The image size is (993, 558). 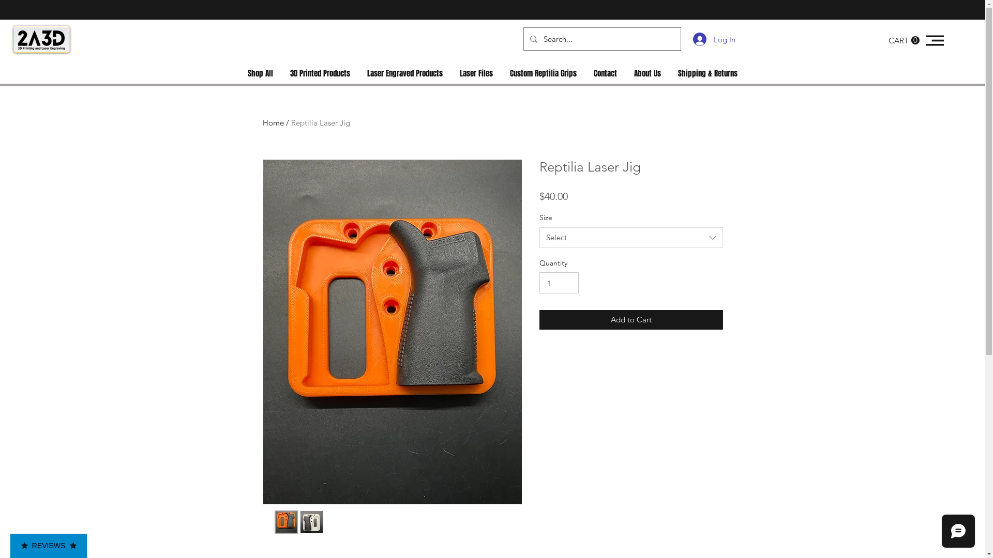 What do you see at coordinates (630, 237) in the screenshot?
I see `'Select'` at bounding box center [630, 237].